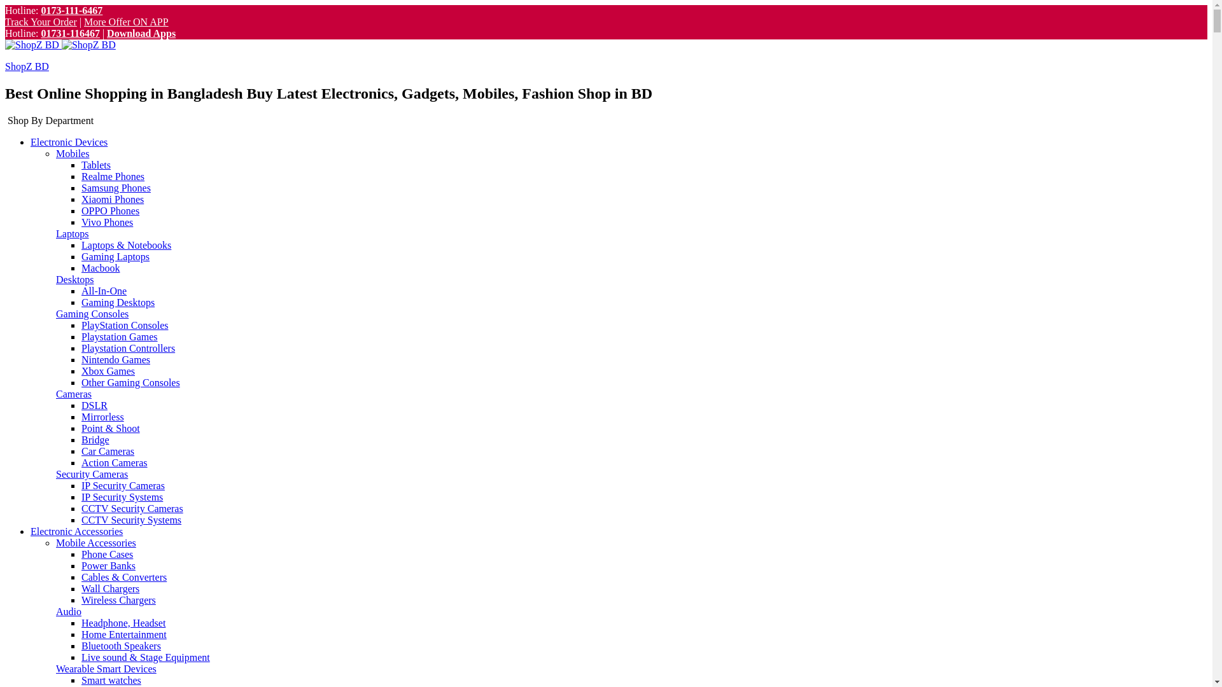 The width and height of the screenshot is (1222, 687). Describe the element at coordinates (81, 439) in the screenshot. I see `'Bridge'` at that location.